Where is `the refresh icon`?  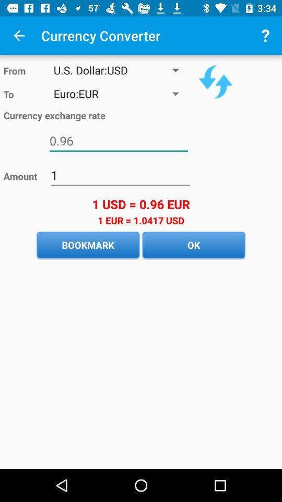
the refresh icon is located at coordinates (215, 81).